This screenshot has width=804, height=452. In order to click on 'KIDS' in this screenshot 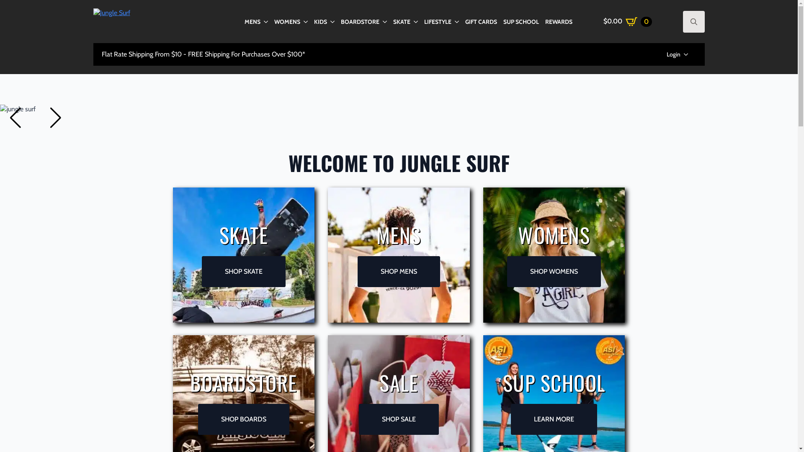, I will do `click(313, 21)`.